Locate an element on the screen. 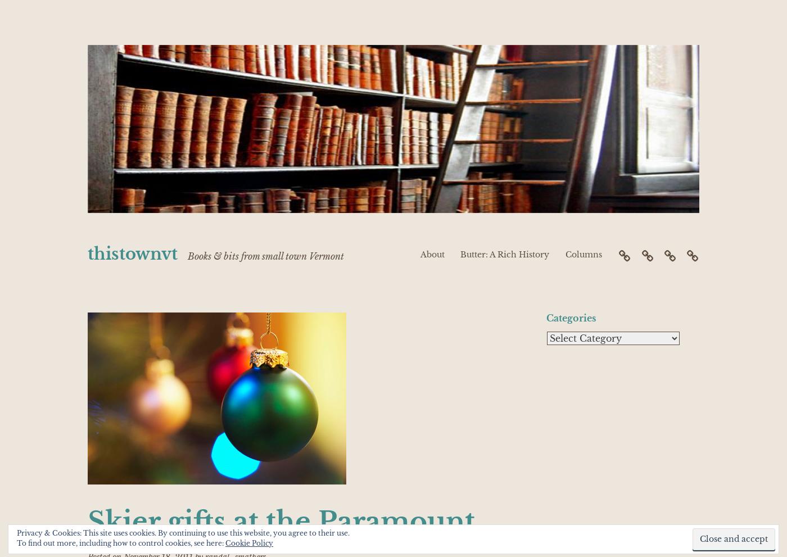 This screenshot has width=787, height=557. 'Butter: A Rich History' is located at coordinates (460, 253).